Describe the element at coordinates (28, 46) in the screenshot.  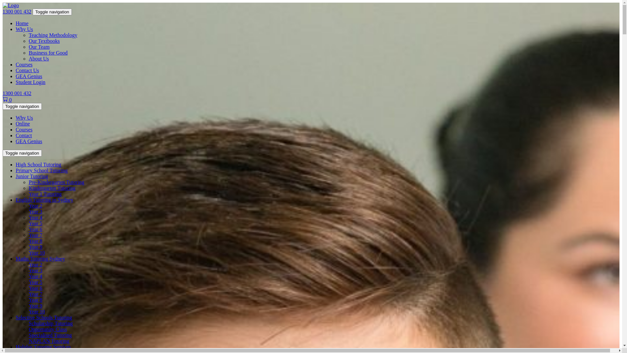
I see `'Our Team'` at that location.